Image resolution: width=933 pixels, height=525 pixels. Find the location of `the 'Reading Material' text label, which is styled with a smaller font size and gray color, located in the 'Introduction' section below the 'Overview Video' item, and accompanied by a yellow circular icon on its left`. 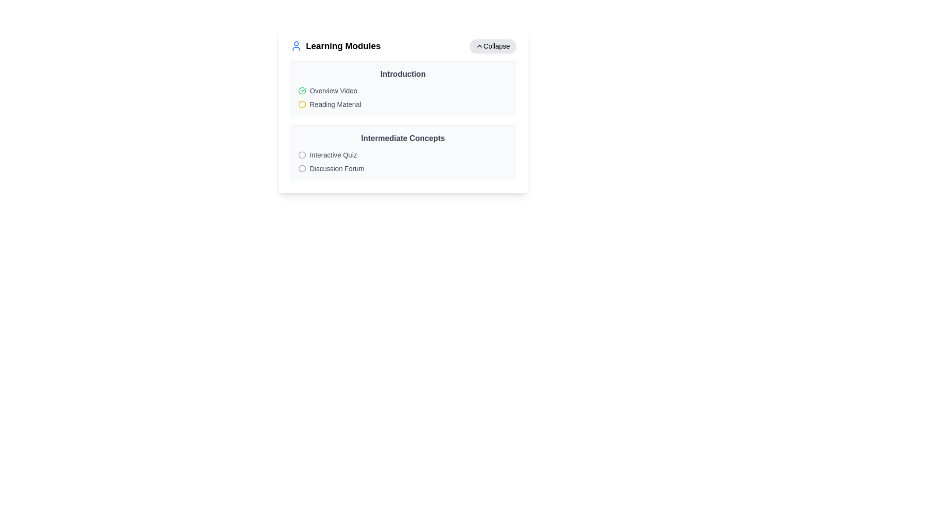

the 'Reading Material' text label, which is styled with a smaller font size and gray color, located in the 'Introduction' section below the 'Overview Video' item, and accompanied by a yellow circular icon on its left is located at coordinates (335, 105).